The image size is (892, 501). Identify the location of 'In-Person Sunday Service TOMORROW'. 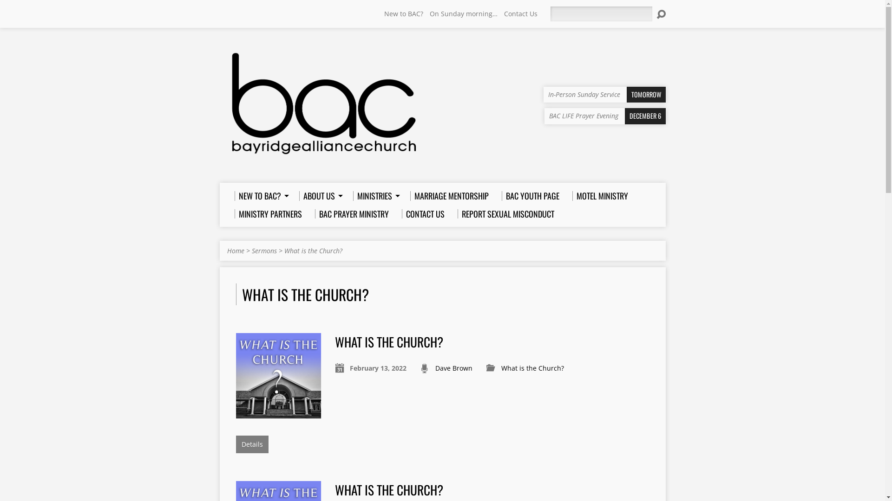
(604, 95).